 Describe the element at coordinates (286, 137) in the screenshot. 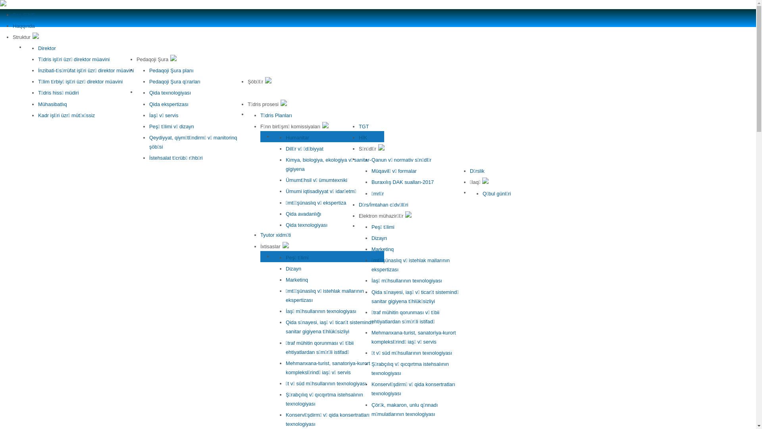

I see `'Humanitar'` at that location.